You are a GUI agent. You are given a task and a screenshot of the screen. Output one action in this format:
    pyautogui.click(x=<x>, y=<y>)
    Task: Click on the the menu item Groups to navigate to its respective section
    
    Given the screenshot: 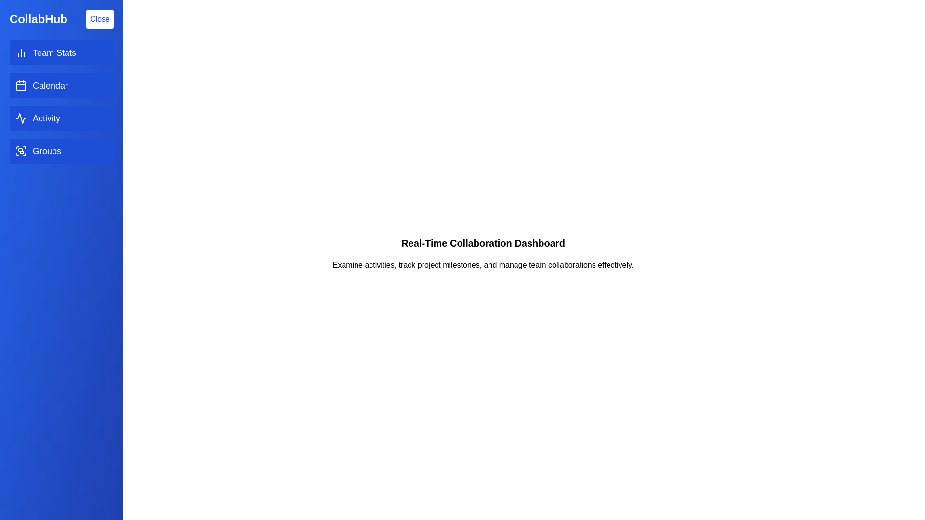 What is the action you would take?
    pyautogui.click(x=61, y=151)
    